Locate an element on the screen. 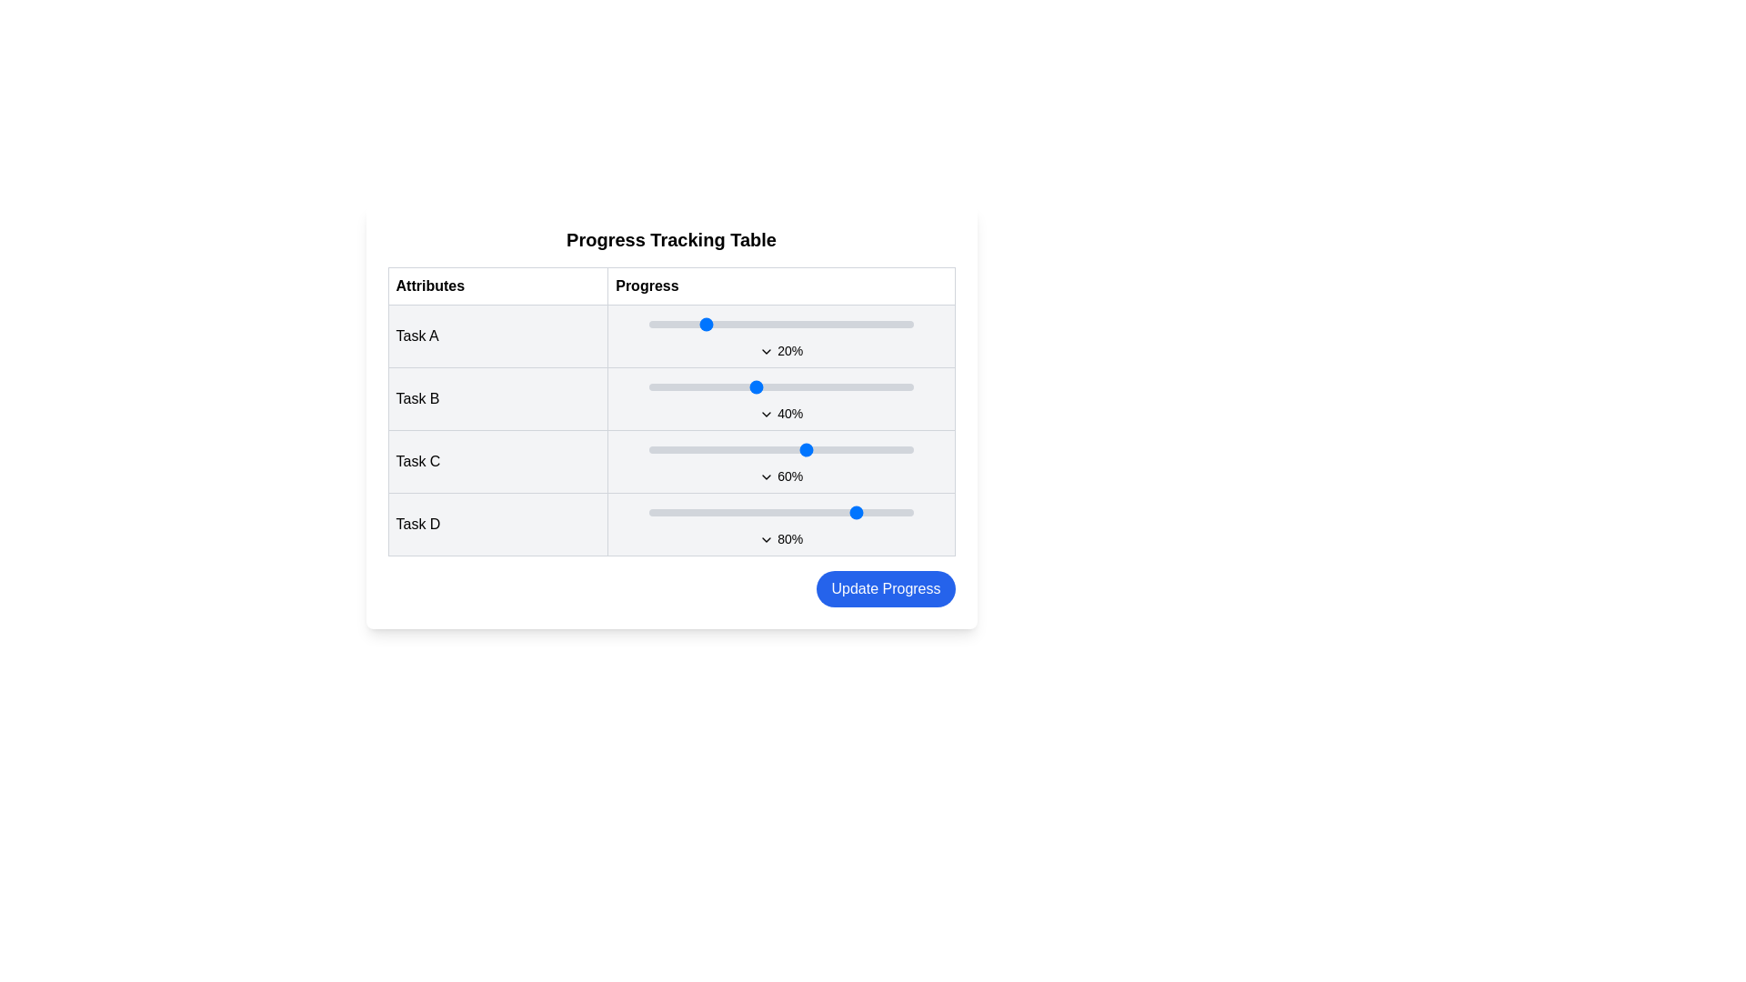 The height and width of the screenshot is (982, 1746). the downward-facing chevron icon next to the '40%' text in the second row of the Progress table is located at coordinates (767, 415).